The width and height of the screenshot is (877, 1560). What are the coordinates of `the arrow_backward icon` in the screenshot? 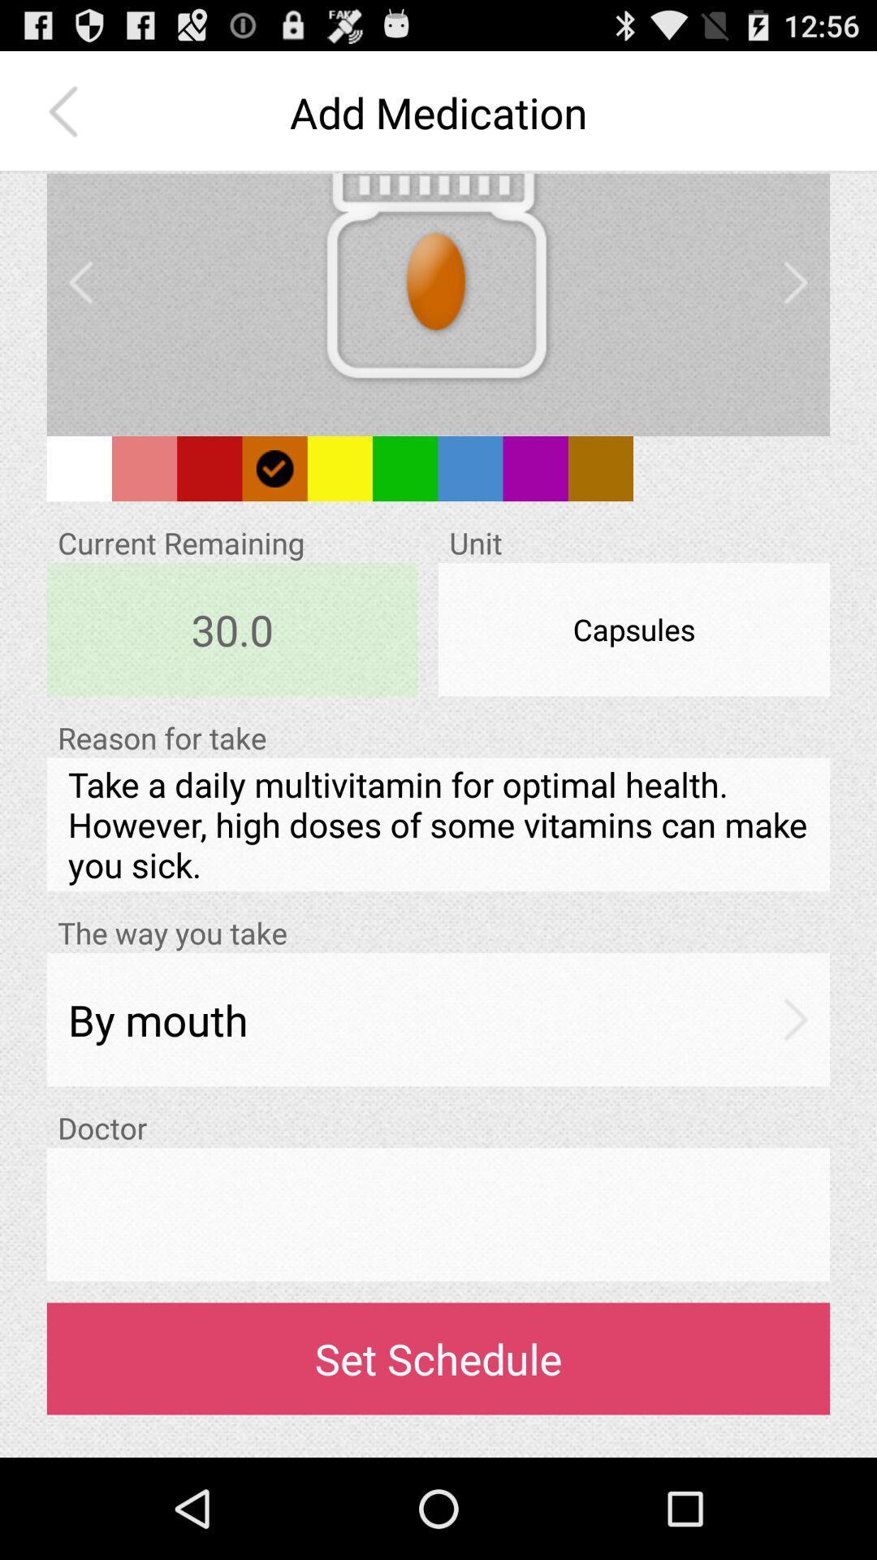 It's located at (80, 302).